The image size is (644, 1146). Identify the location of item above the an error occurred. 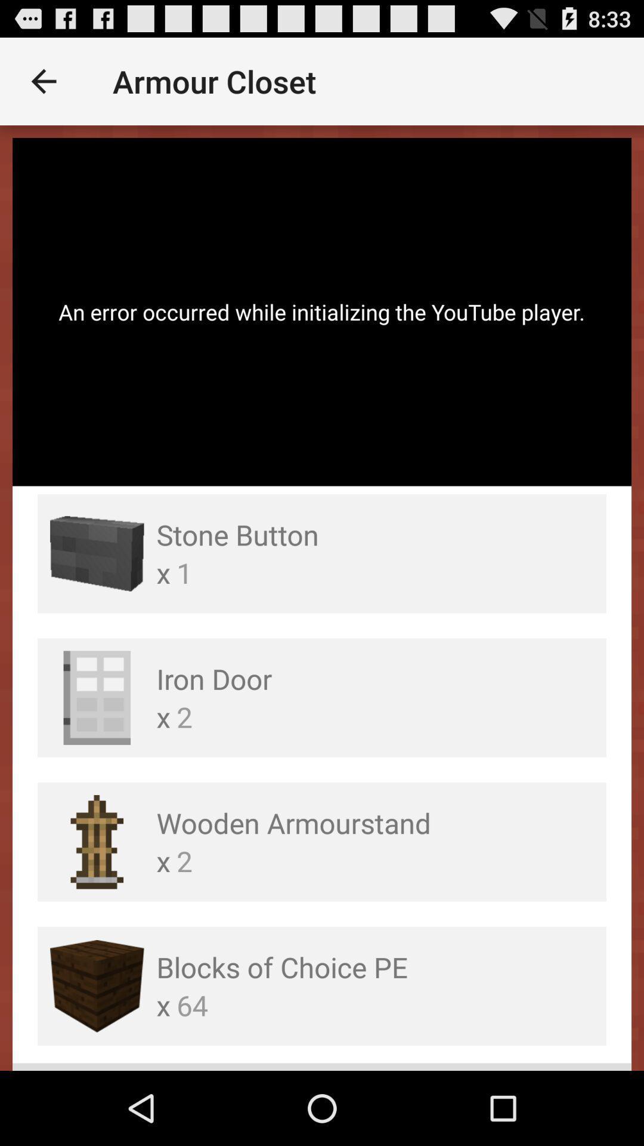
(43, 81).